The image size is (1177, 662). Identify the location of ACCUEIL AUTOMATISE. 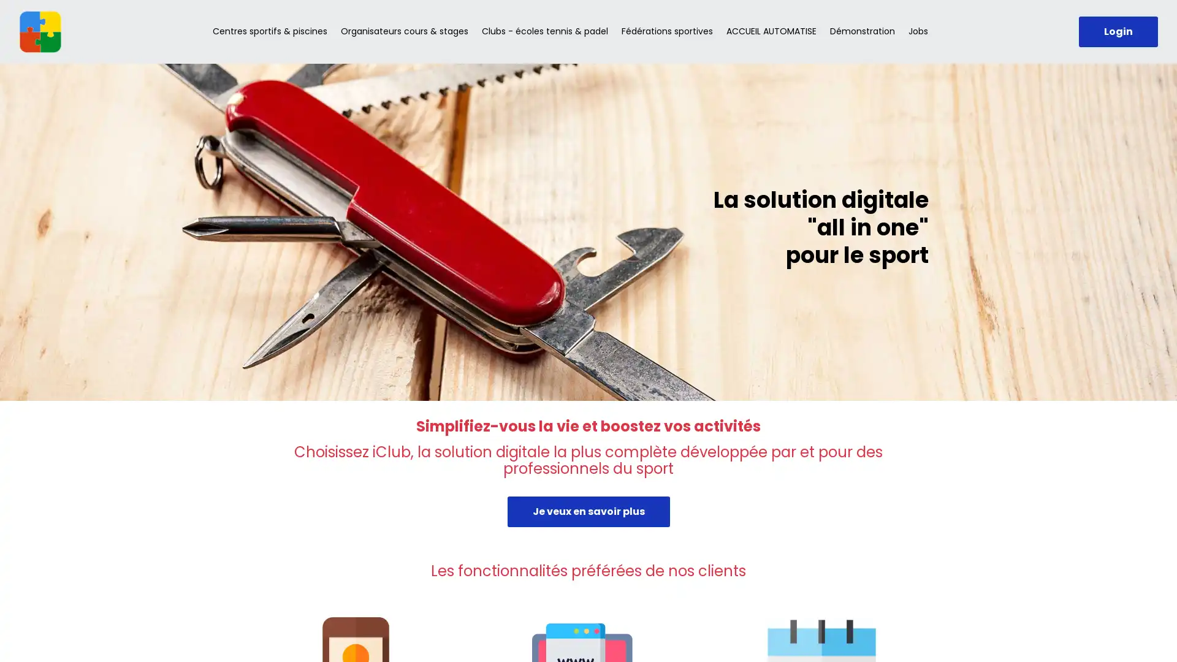
(770, 31).